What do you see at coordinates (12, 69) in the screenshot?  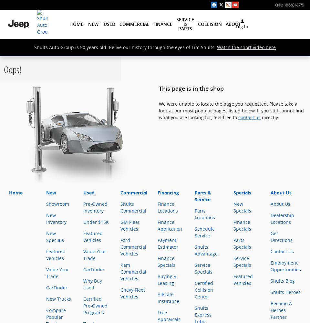 I see `'Oops!'` at bounding box center [12, 69].